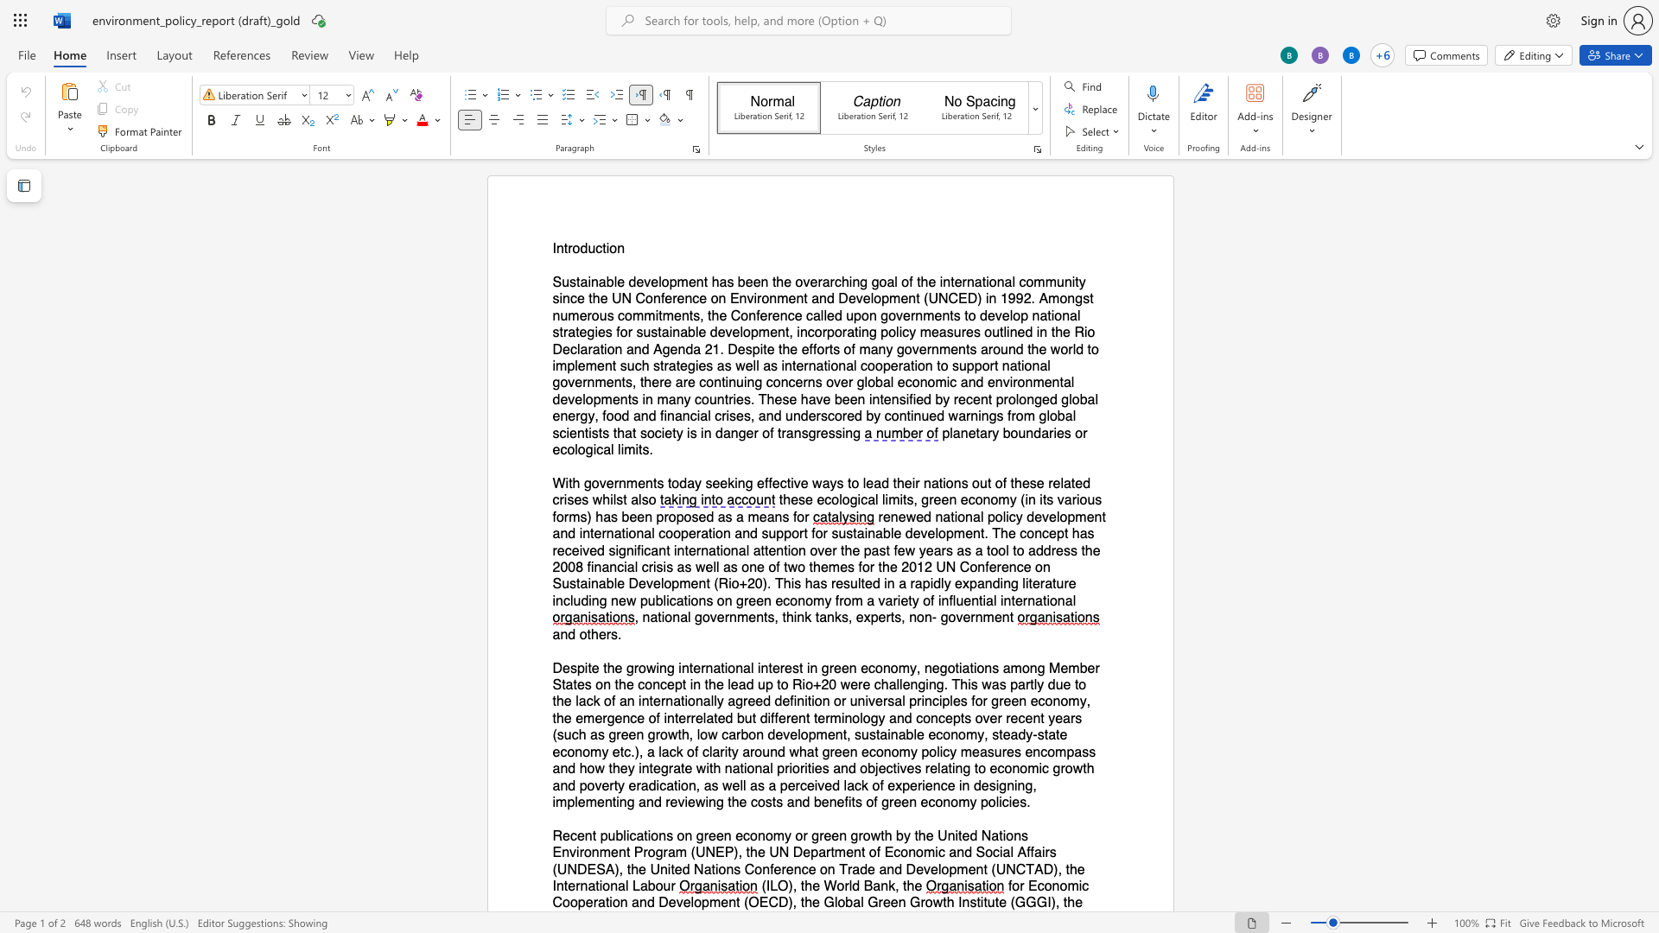  What do you see at coordinates (568, 249) in the screenshot?
I see `the space between the continuous character "t" and "r" in the text` at bounding box center [568, 249].